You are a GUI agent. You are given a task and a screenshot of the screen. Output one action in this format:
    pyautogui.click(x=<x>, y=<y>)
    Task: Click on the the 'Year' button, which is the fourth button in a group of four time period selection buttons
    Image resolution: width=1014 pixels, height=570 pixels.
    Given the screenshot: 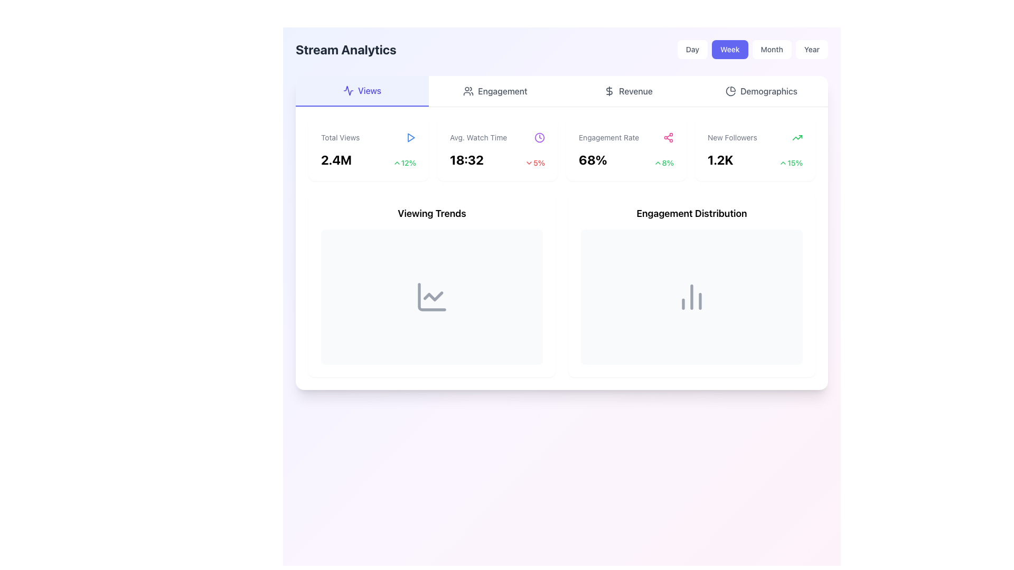 What is the action you would take?
    pyautogui.click(x=811, y=49)
    